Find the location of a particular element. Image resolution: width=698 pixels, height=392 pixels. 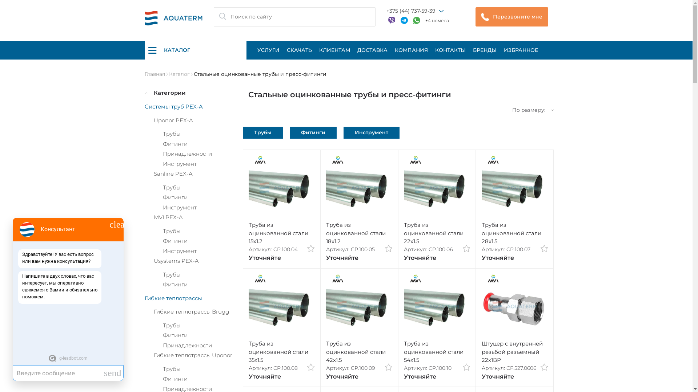

'Sanline PEX-A' is located at coordinates (172, 173).